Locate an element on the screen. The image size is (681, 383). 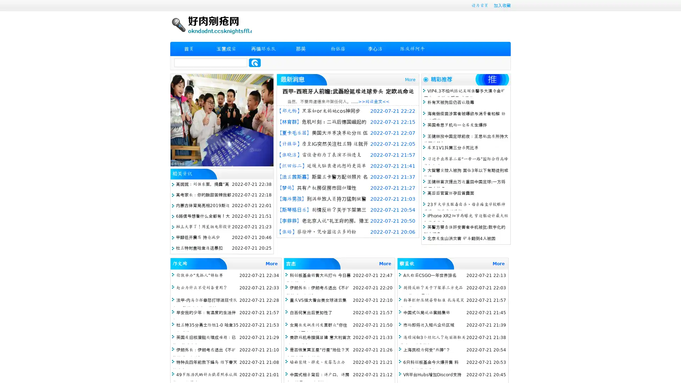
Search is located at coordinates (255, 62).